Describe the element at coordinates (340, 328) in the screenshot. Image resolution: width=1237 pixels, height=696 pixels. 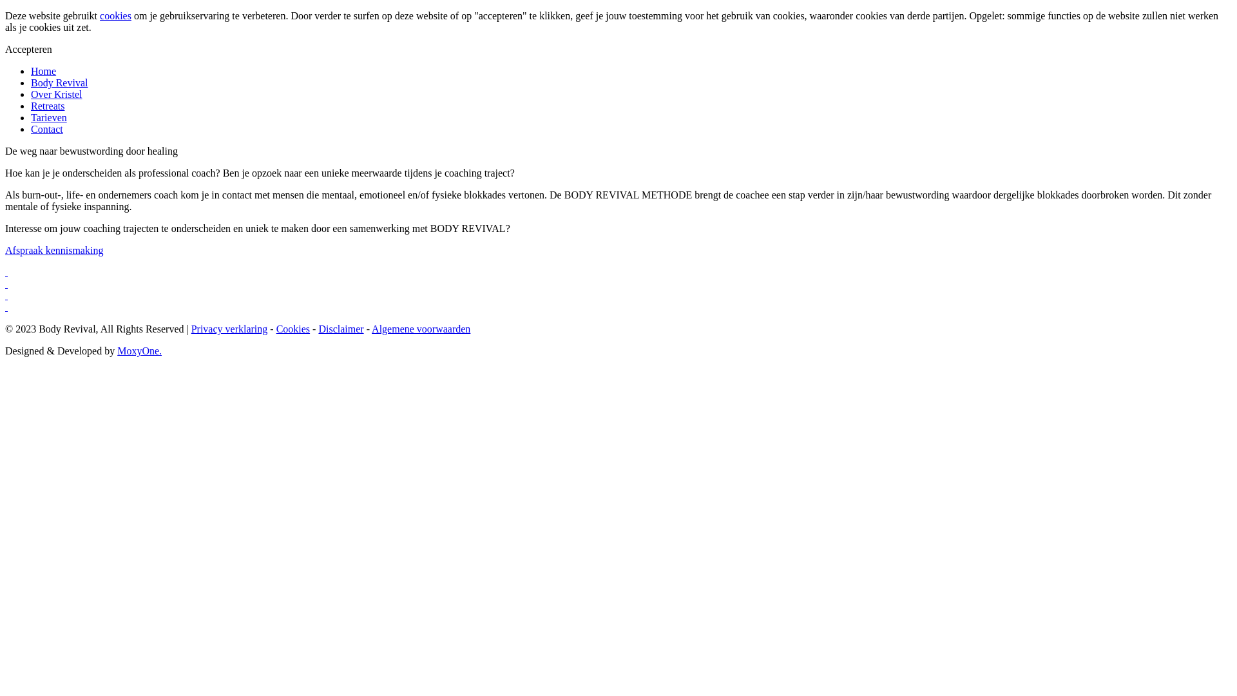
I see `'Disclaimer'` at that location.